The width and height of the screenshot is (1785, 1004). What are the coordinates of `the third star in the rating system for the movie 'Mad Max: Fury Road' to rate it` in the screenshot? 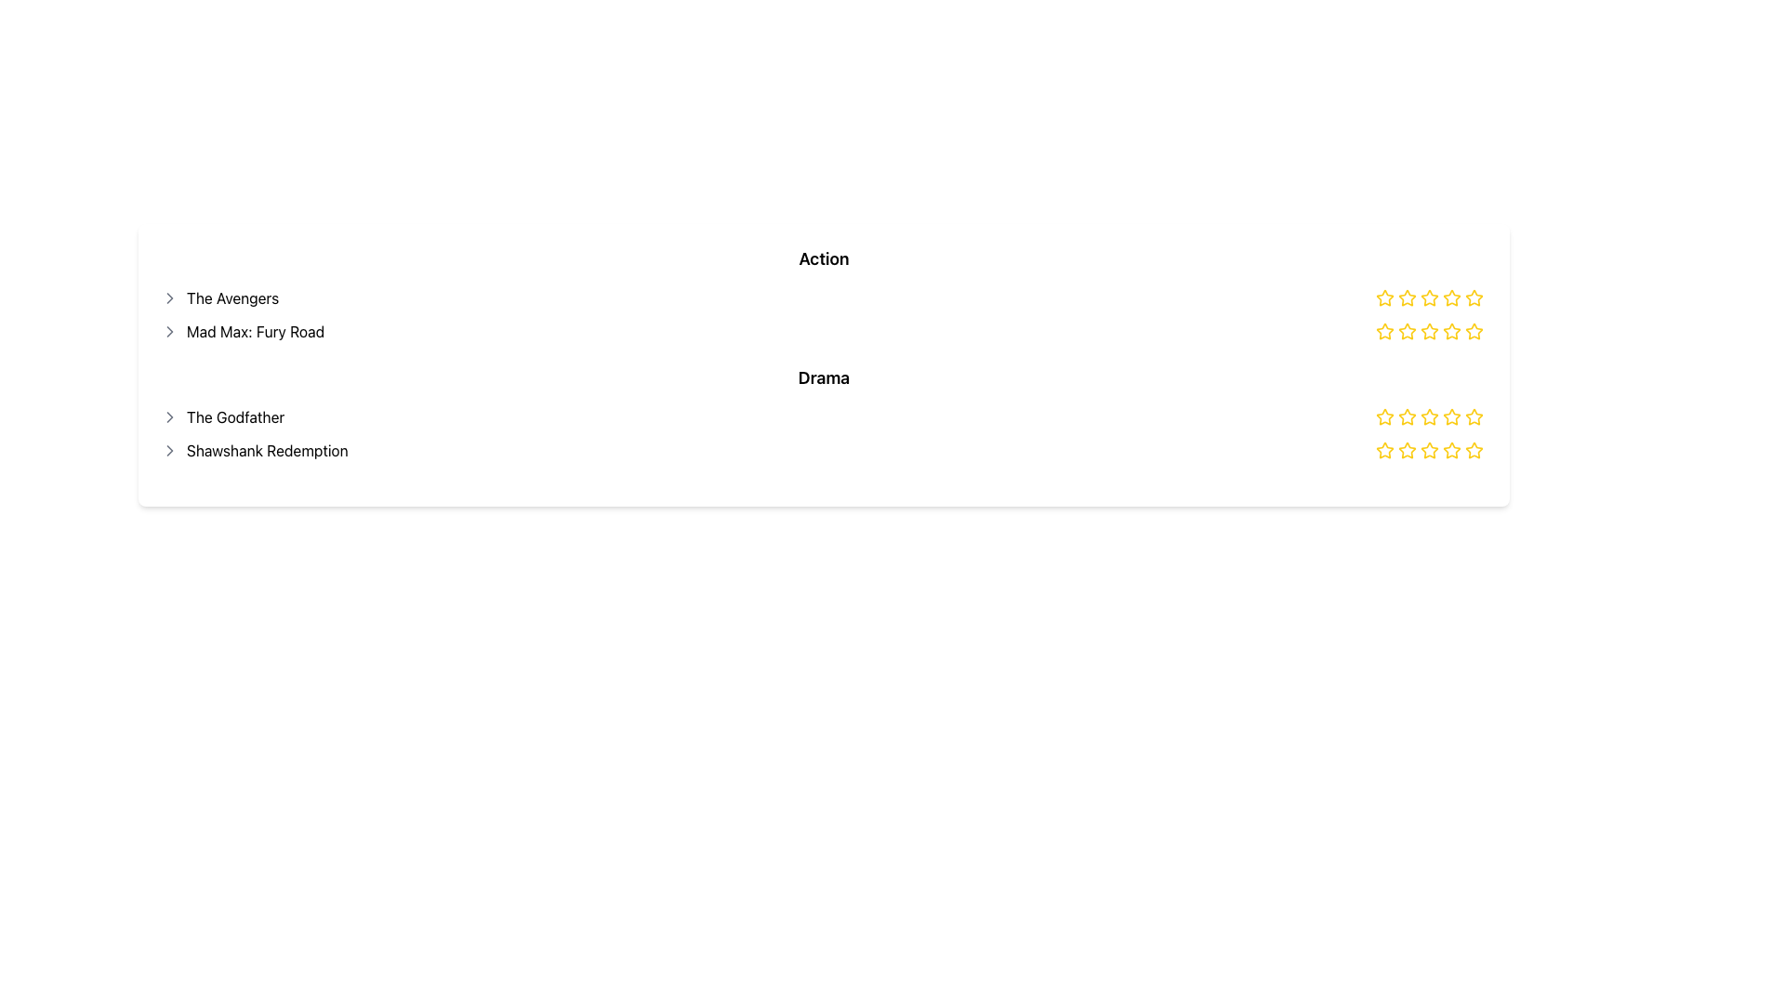 It's located at (1450, 297).